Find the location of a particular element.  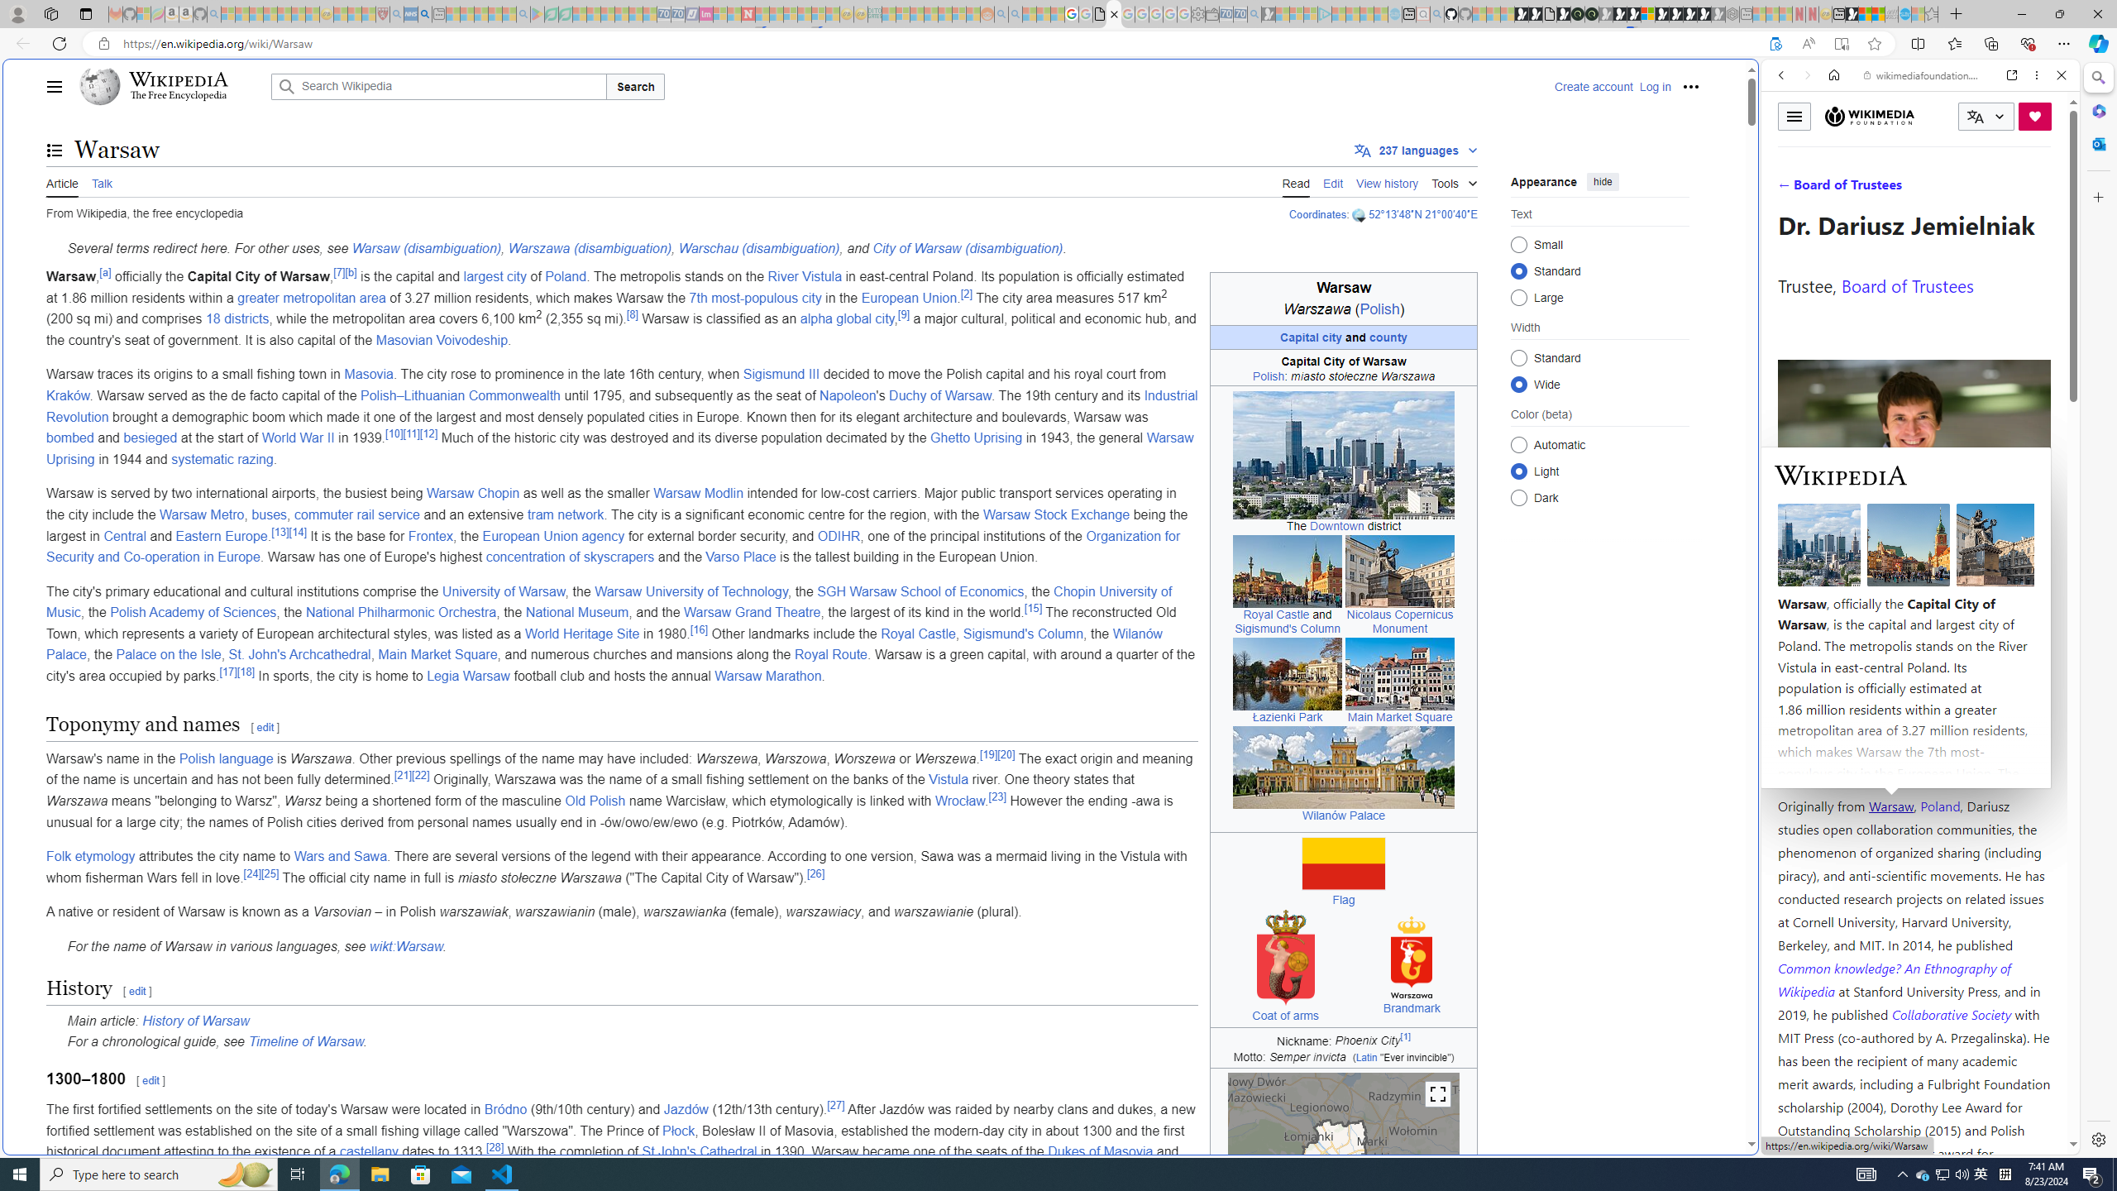

'View history' is located at coordinates (1388, 181).